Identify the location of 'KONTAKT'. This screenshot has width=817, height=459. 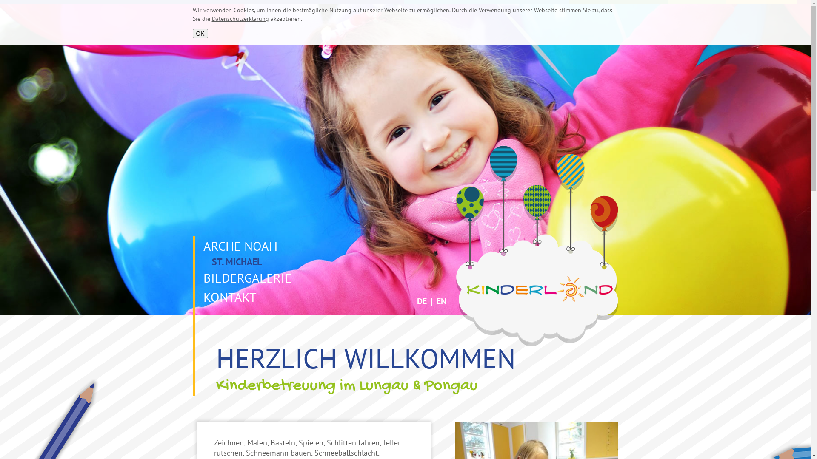
(228, 296).